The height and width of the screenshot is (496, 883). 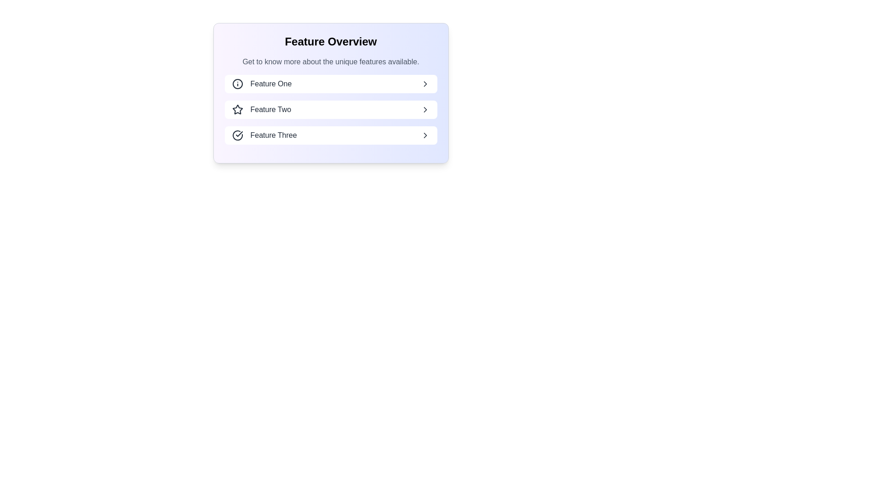 What do you see at coordinates (237, 109) in the screenshot?
I see `the second interactive icon representing the 'Feature Two' section, which is positioned to the left of the text 'Feature Two'` at bounding box center [237, 109].